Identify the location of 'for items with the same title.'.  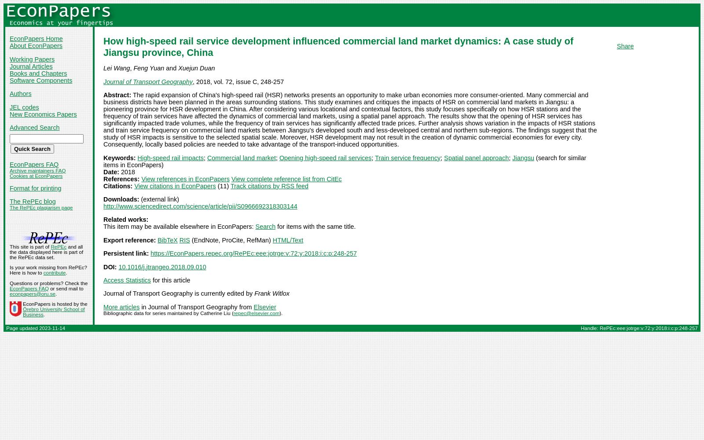
(275, 227).